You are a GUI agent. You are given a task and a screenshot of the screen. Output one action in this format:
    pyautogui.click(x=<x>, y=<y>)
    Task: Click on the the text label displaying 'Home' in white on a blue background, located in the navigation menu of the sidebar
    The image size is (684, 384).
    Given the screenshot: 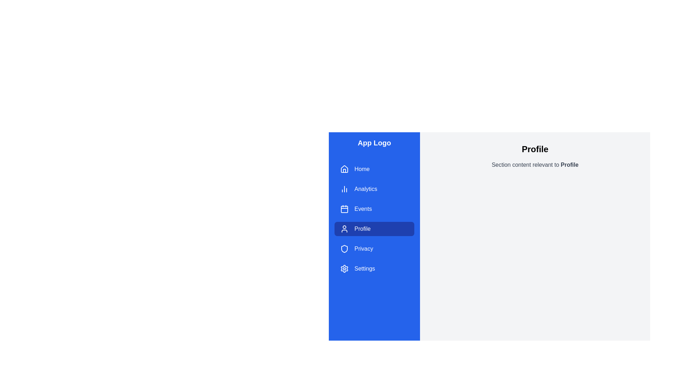 What is the action you would take?
    pyautogui.click(x=362, y=169)
    